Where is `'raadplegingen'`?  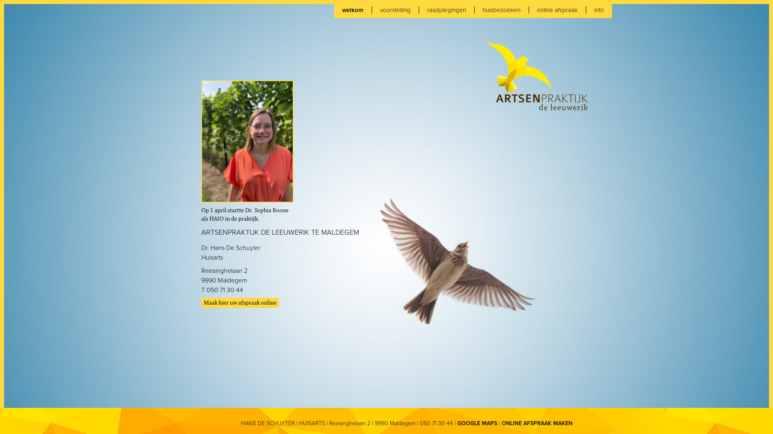
'raadplegingen' is located at coordinates (446, 10).